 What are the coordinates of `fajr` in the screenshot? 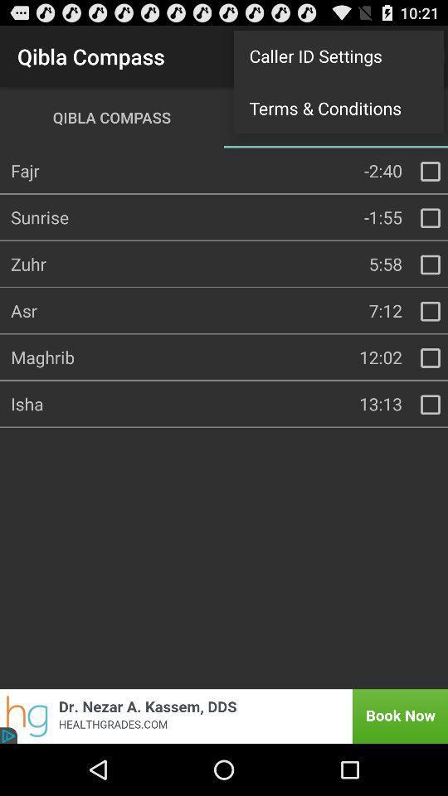 It's located at (430, 171).